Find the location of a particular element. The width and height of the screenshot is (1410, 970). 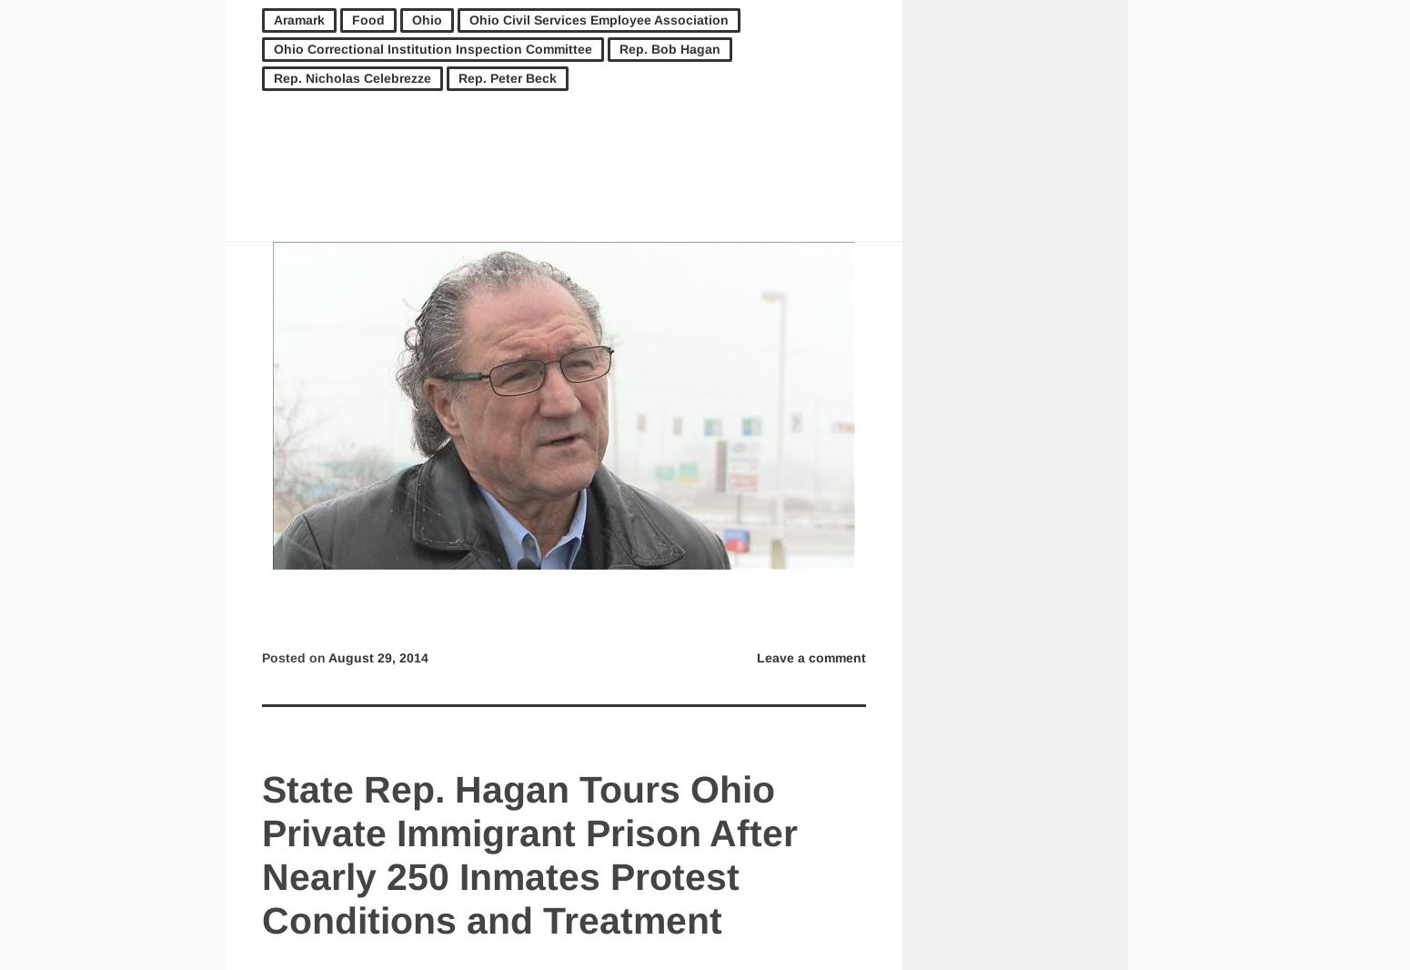

'Ohio' is located at coordinates (426, 18).